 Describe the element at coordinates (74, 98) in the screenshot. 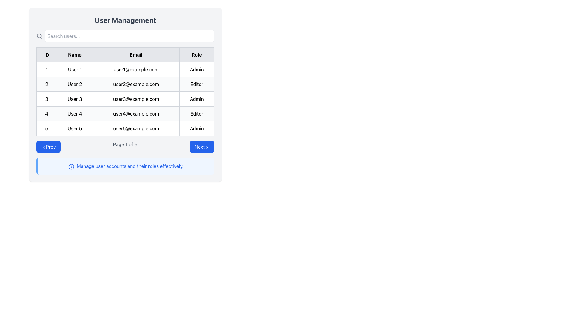

I see `the Static Text label displaying the name associated with the third entry in the table, located between the 'ID: 3' and 'Email: user3@example.com' cells` at that location.